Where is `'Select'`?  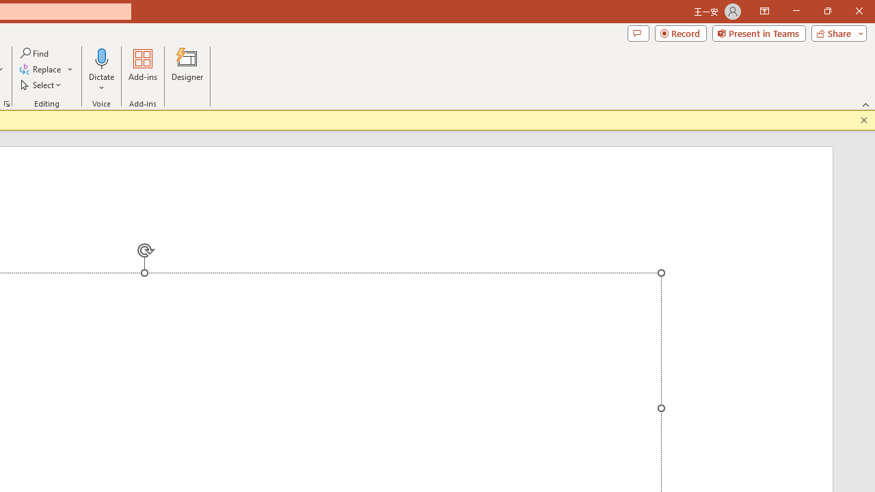
'Select' is located at coordinates (42, 85).